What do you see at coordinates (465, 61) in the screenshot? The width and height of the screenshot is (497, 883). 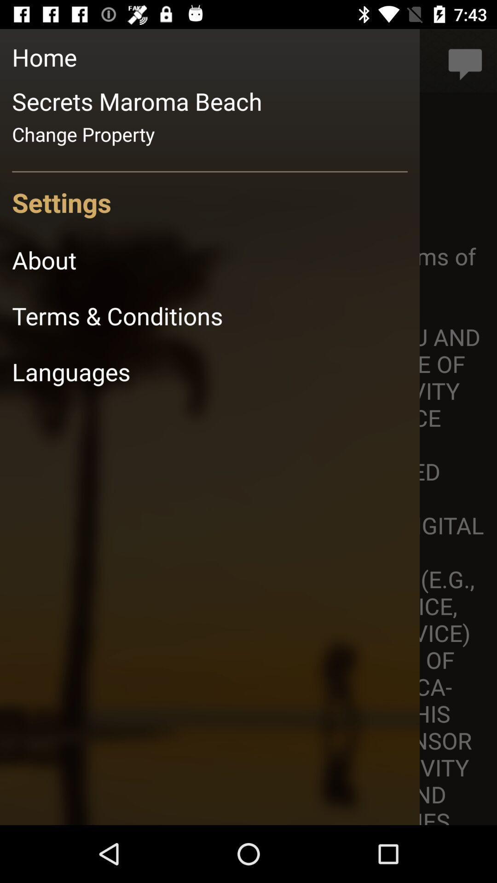 I see `the chat icon` at bounding box center [465, 61].